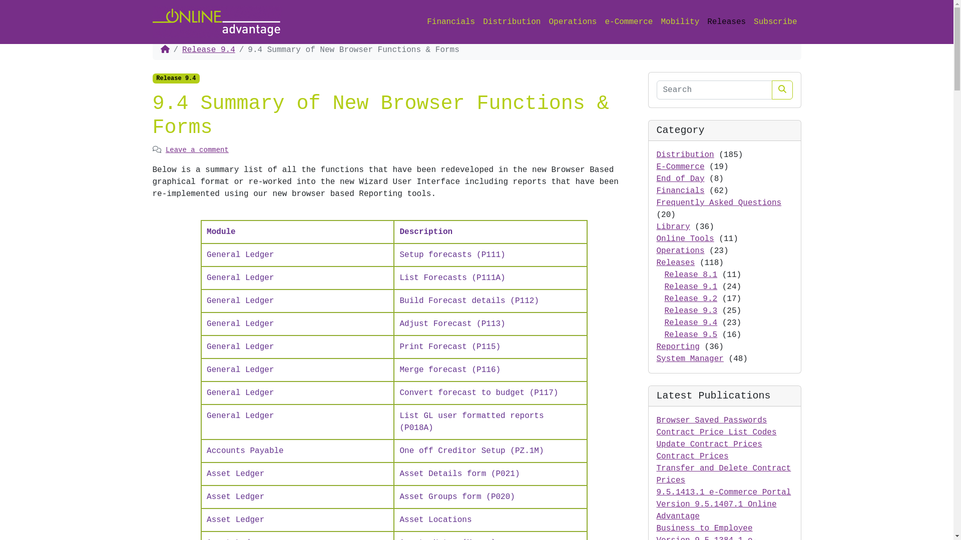 This screenshot has width=961, height=540. Describe the element at coordinates (656, 473) in the screenshot. I see `'Transfer and Delete Contract Prices'` at that location.